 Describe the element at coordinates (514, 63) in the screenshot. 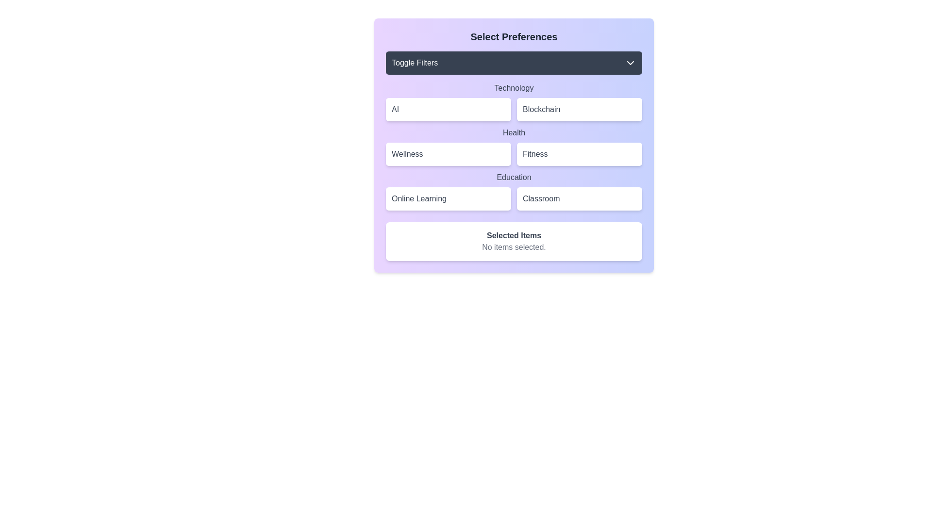

I see `the toggle button for filtering options located in the 'Select Preferences' section` at that location.